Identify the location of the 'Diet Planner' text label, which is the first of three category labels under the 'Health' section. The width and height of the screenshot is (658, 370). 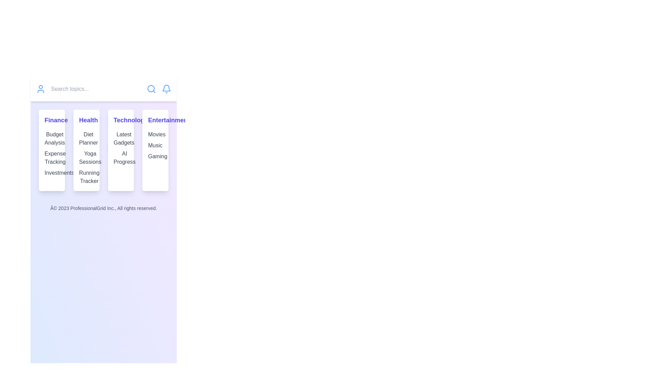
(86, 139).